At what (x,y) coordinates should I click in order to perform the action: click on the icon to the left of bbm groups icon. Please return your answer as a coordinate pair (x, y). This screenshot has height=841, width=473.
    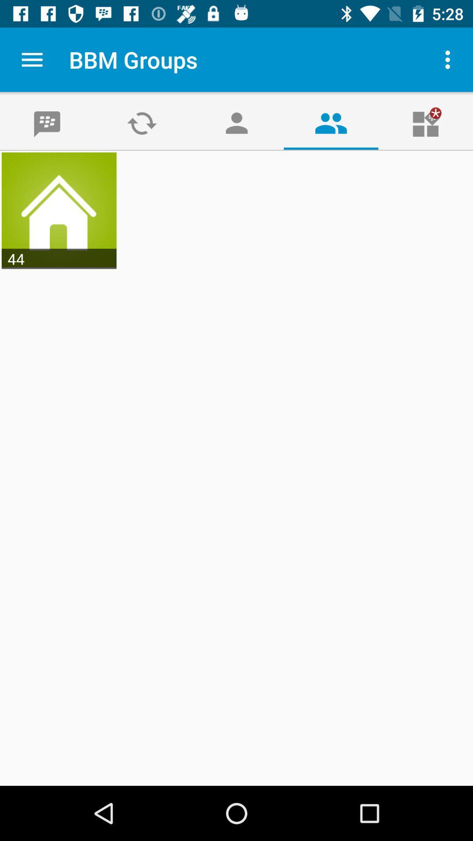
    Looking at the image, I should click on (32, 59).